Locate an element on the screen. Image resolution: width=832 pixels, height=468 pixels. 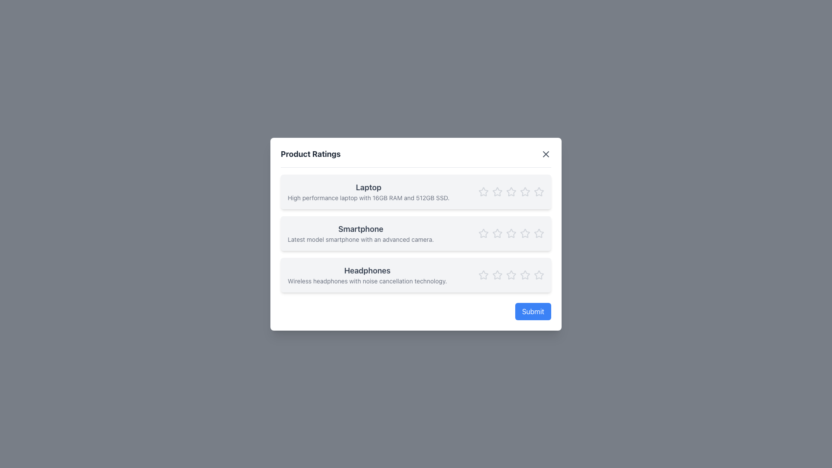
the fifth star-shaped rating icon in the Headphones section is located at coordinates (511, 274).